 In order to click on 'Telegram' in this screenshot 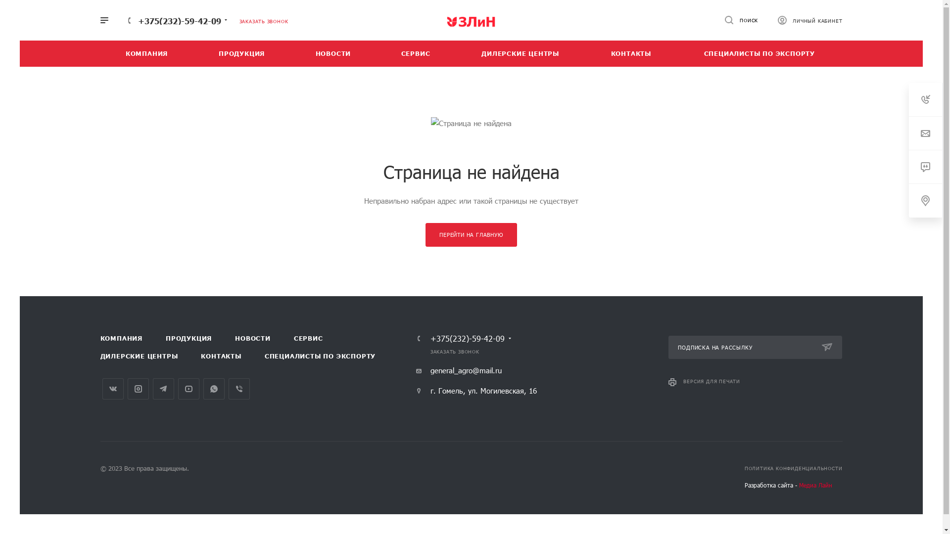, I will do `click(151, 388)`.